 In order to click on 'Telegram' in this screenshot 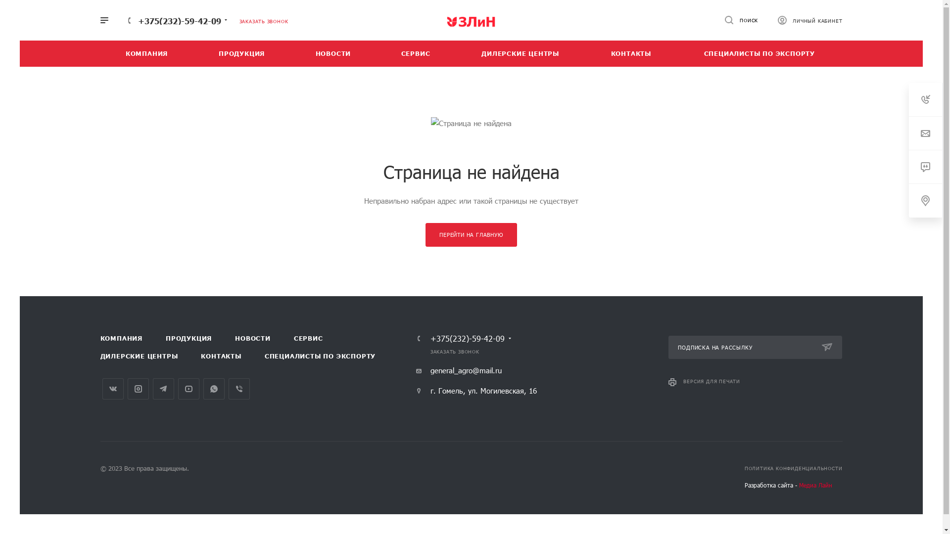, I will do `click(151, 388)`.